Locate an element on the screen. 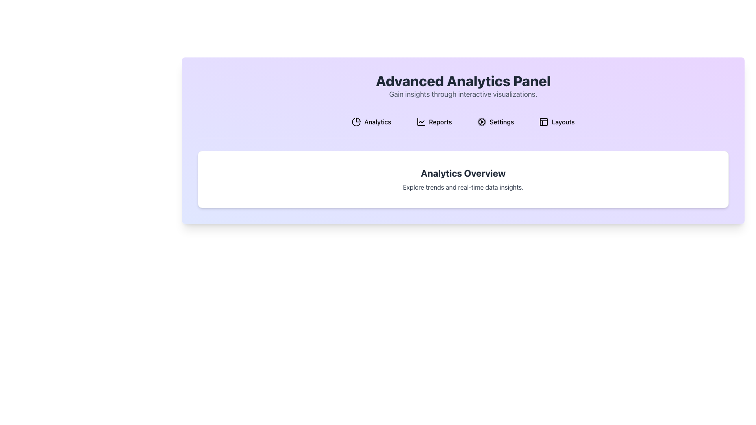 The height and width of the screenshot is (425, 756). the 'Settings' button is located at coordinates (495, 122).